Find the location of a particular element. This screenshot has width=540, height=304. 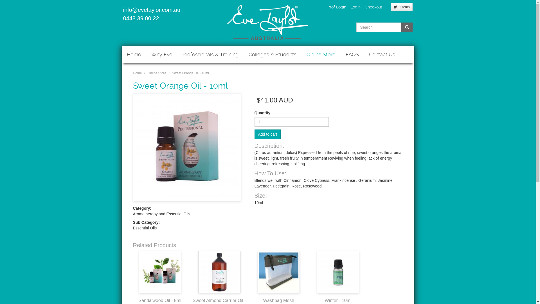

'Colleges & Students' is located at coordinates (273, 54).